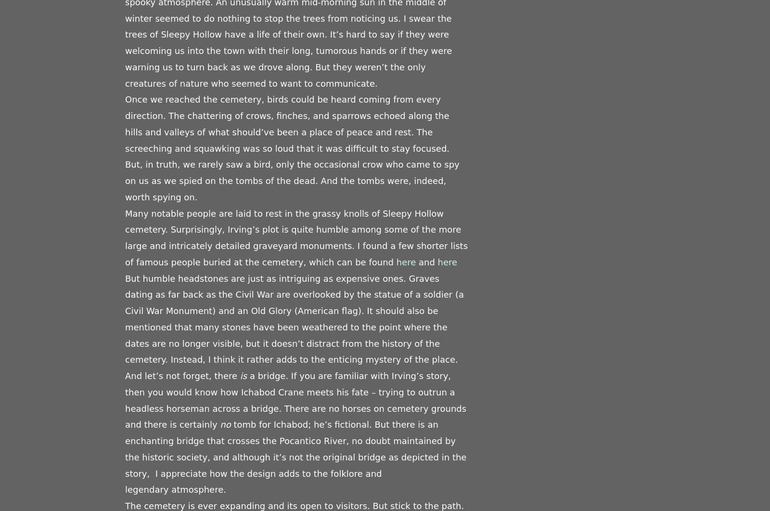 The image size is (770, 511). I want to click on 'And let’s not forget, there', so click(182, 376).